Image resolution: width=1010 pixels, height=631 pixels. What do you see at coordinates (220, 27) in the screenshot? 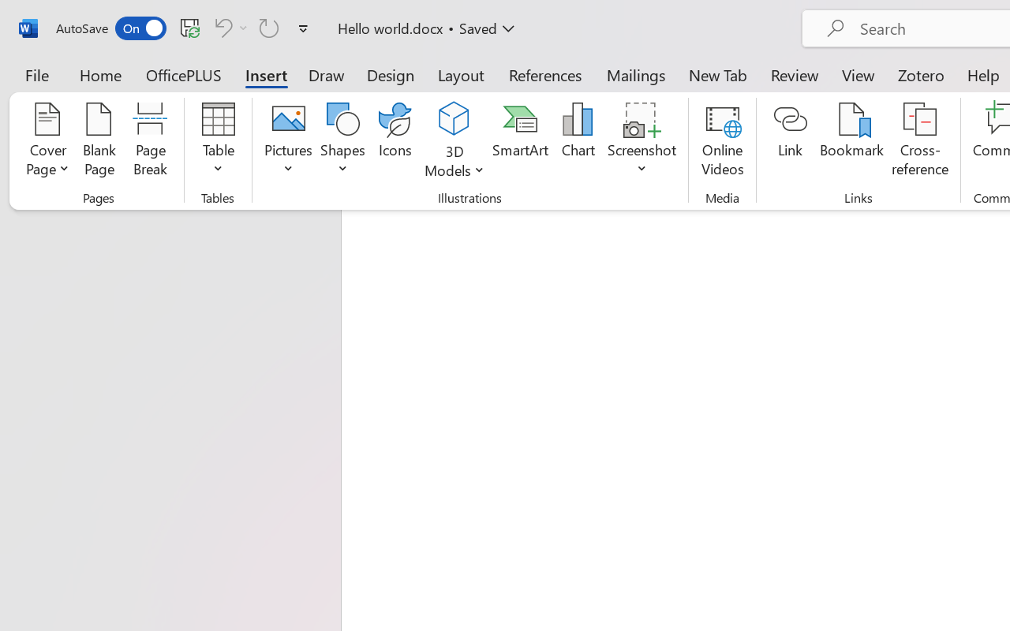
I see `'Can'` at bounding box center [220, 27].